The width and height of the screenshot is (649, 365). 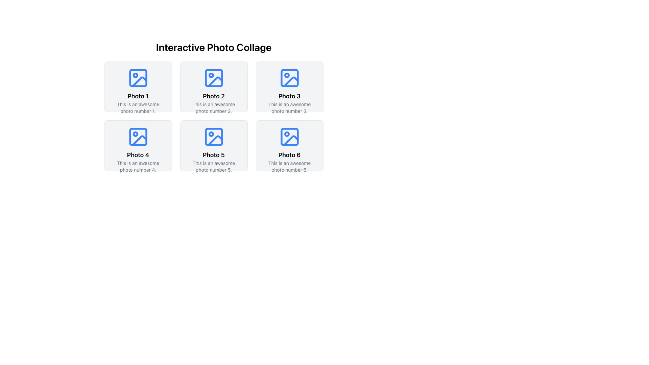 What do you see at coordinates (213, 145) in the screenshot?
I see `the photo entry card positioned in the lower-left section of the grid layout` at bounding box center [213, 145].